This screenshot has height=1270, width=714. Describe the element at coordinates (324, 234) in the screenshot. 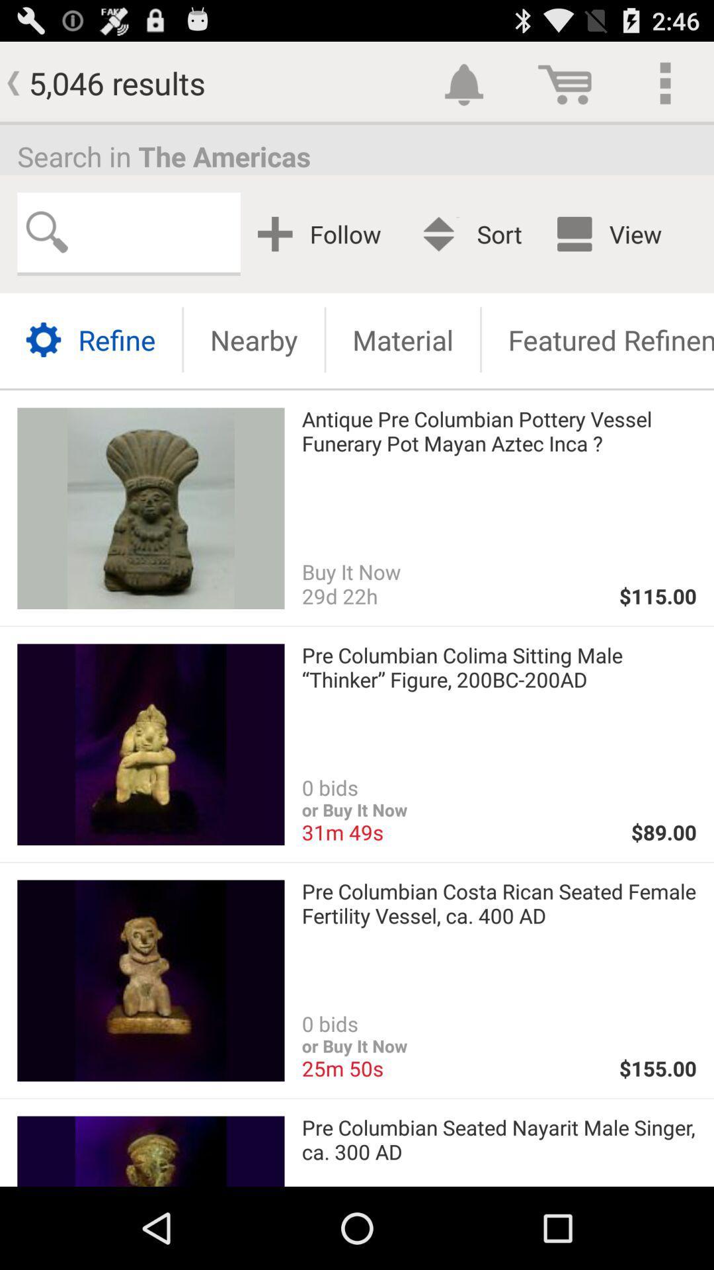

I see `follow icon` at that location.